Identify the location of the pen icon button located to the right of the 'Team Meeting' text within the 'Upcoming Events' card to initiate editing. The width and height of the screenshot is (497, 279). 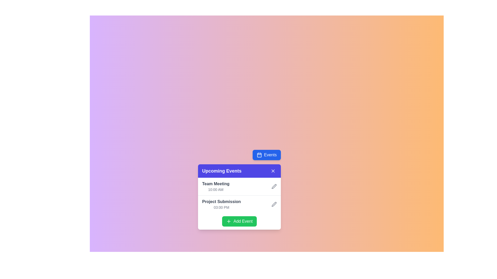
(274, 204).